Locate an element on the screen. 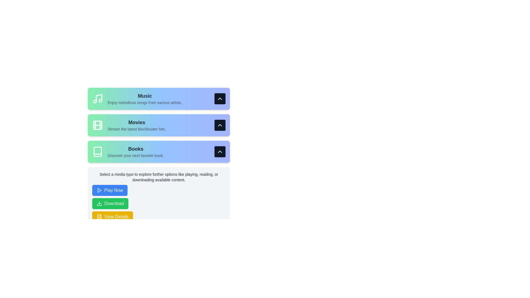  the static text label titled 'Movies', which serves as a section title indicating related content about movies is located at coordinates (137, 122).